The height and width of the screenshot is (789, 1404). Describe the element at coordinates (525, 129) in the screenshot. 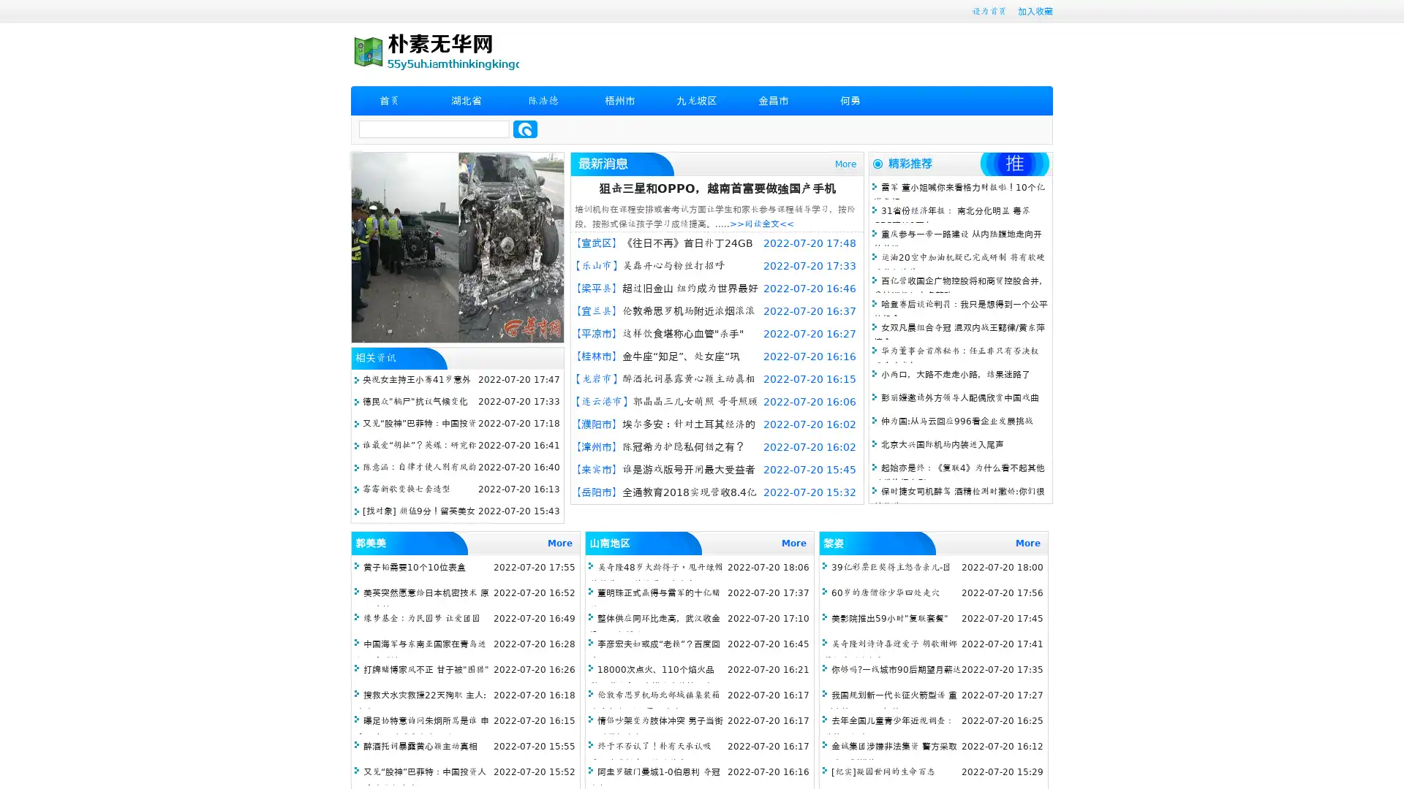

I see `Search` at that location.